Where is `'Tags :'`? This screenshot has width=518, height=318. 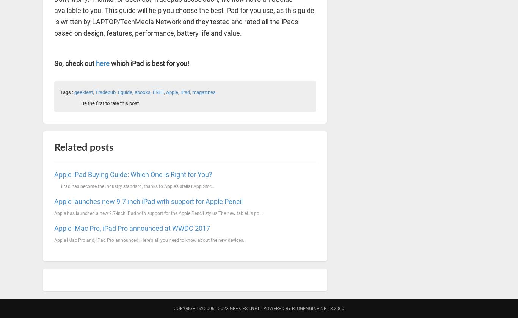
'Tags :' is located at coordinates (67, 92).